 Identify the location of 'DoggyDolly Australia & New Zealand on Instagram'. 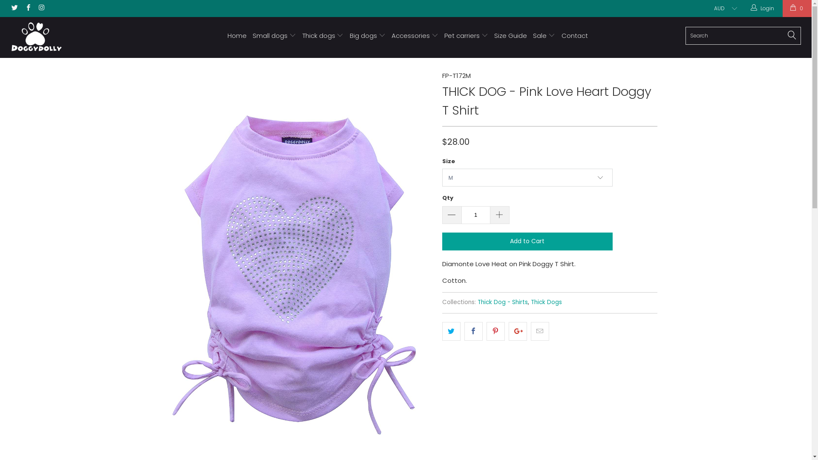
(40, 8).